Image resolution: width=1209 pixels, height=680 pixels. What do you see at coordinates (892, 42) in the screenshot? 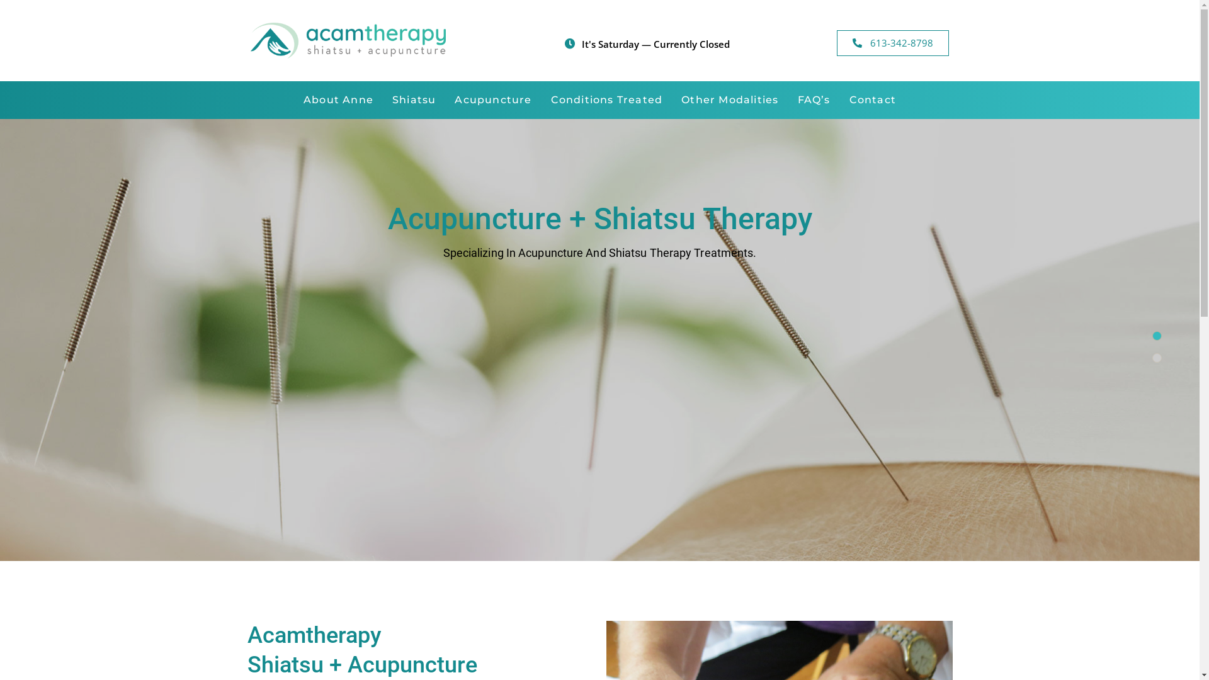
I see `'613-342-8798'` at bounding box center [892, 42].